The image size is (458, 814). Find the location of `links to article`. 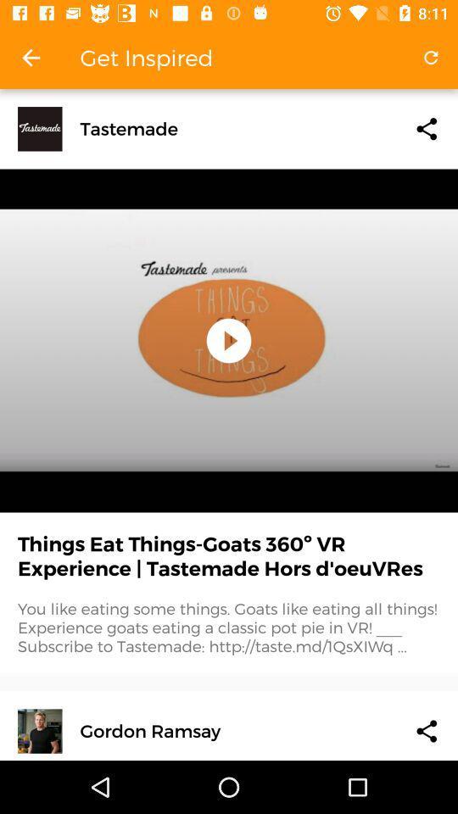

links to article is located at coordinates (426, 128).